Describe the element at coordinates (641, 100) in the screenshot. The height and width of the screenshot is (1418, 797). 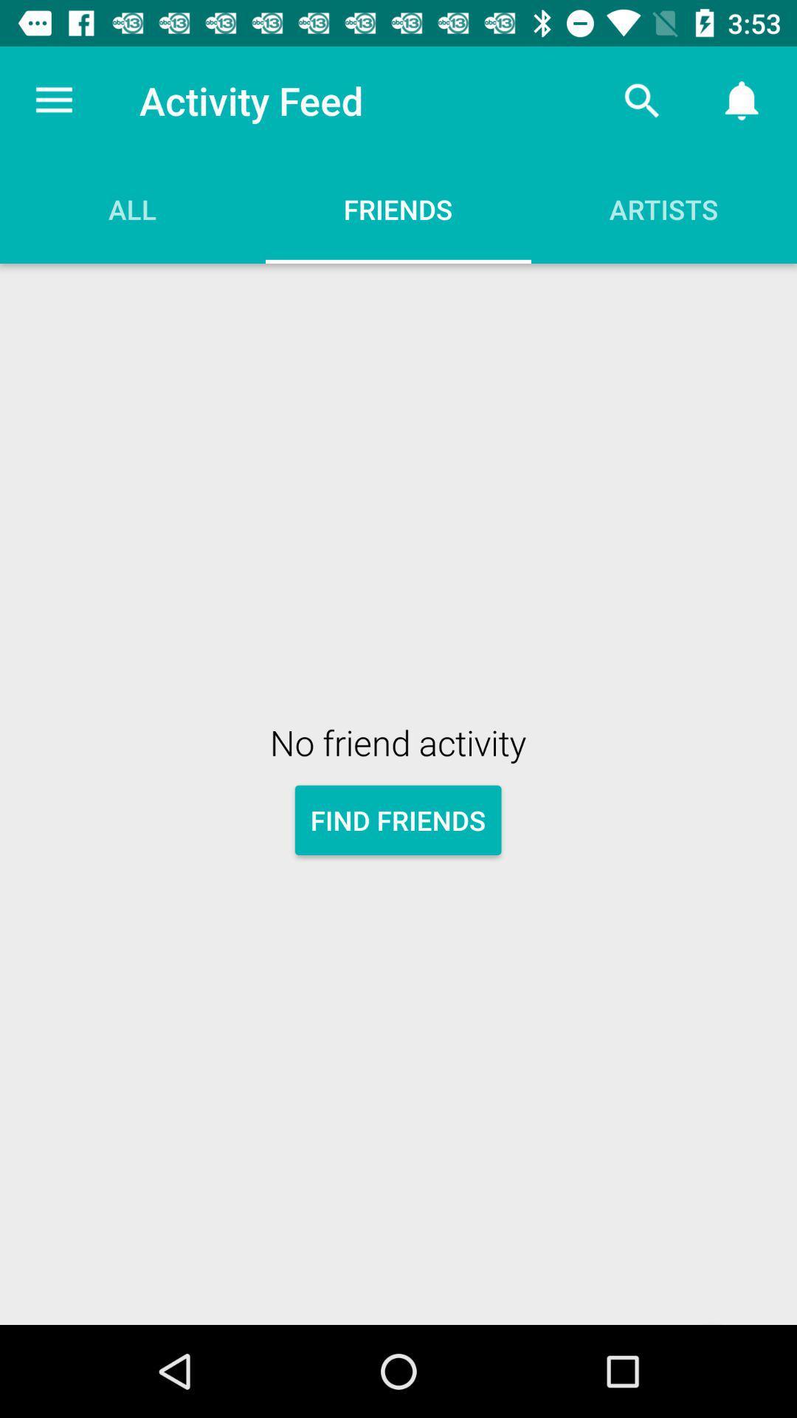
I see `the icon above the artists` at that location.